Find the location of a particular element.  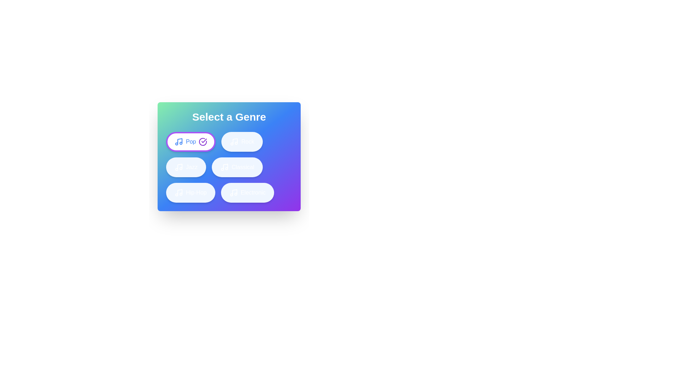

the text label that displays 'Select a Genre', which is styled with bold, white, large font and is positioned at the top of the genre selection panel is located at coordinates (229, 117).